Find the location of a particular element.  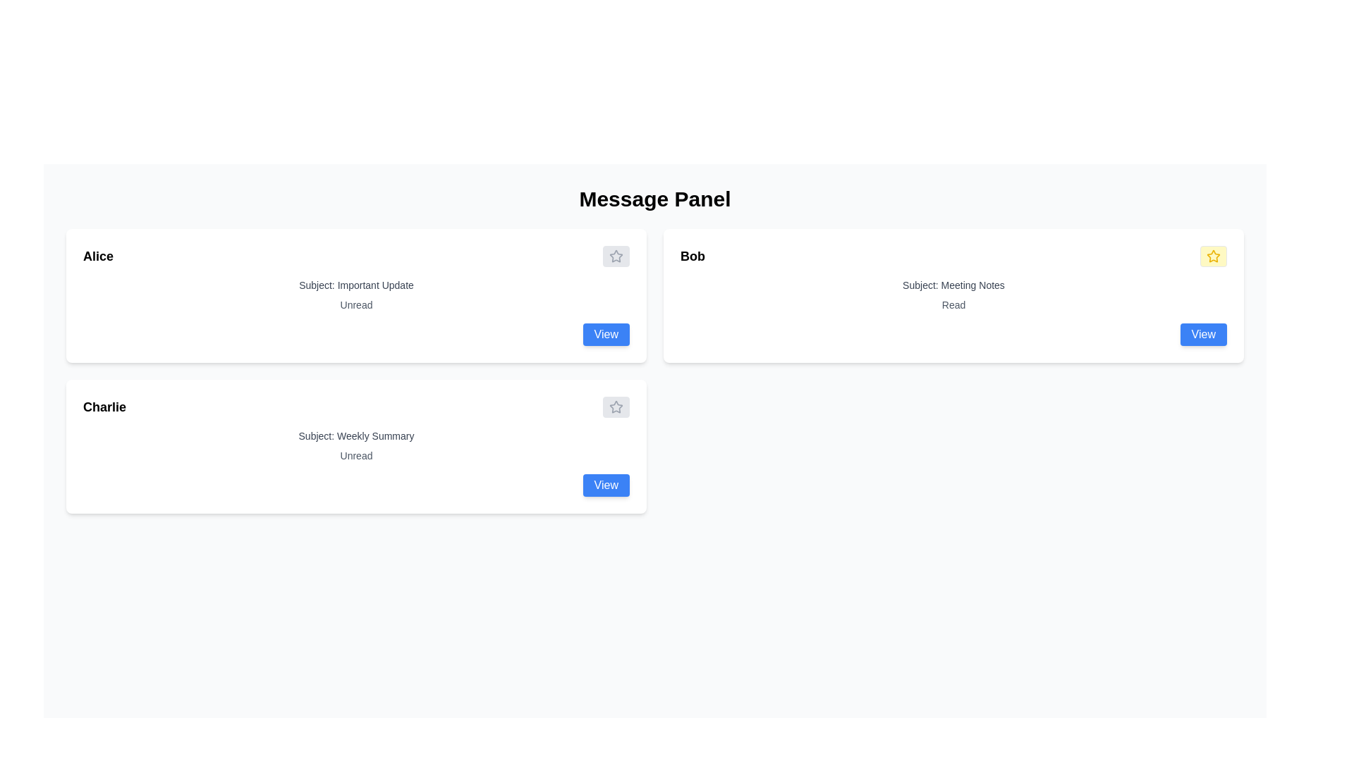

the text display that shows the subject of the message from sender Alice, located below the 'Alice' heading and above the 'Unread' text within the card is located at coordinates (356, 285).